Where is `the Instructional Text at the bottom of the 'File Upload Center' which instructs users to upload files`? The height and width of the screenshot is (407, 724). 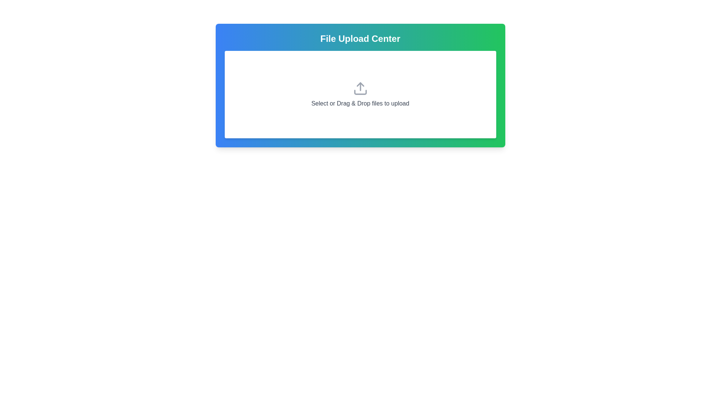 the Instructional Text at the bottom of the 'File Upload Center' which instructs users to upload files is located at coordinates (360, 103).